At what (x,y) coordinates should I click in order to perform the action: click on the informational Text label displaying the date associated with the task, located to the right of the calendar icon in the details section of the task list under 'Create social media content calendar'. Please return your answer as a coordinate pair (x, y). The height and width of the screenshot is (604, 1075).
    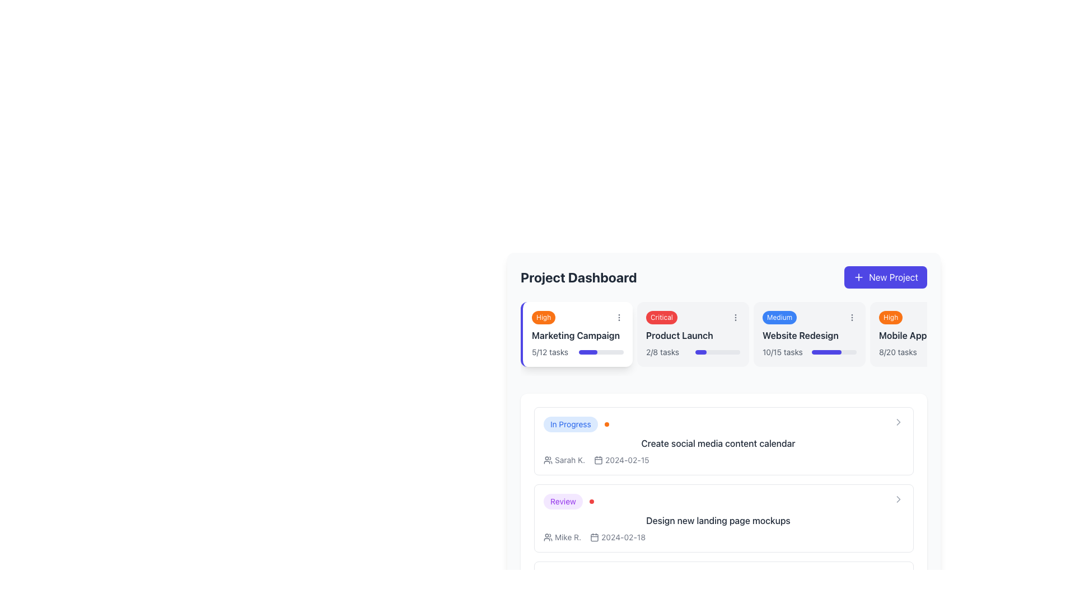
    Looking at the image, I should click on (627, 460).